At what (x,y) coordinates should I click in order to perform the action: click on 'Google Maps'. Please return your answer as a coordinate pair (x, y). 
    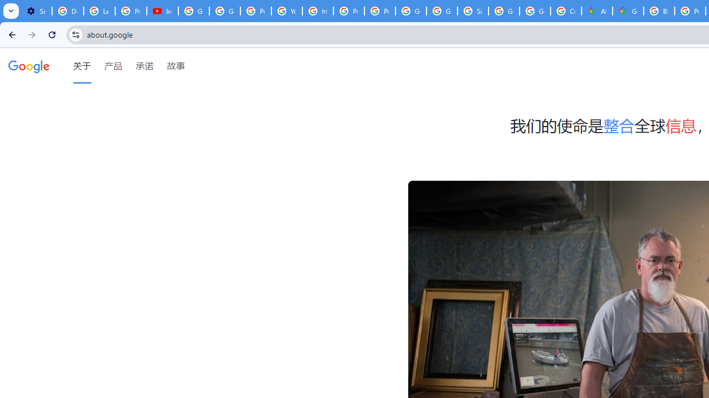
    Looking at the image, I should click on (628, 11).